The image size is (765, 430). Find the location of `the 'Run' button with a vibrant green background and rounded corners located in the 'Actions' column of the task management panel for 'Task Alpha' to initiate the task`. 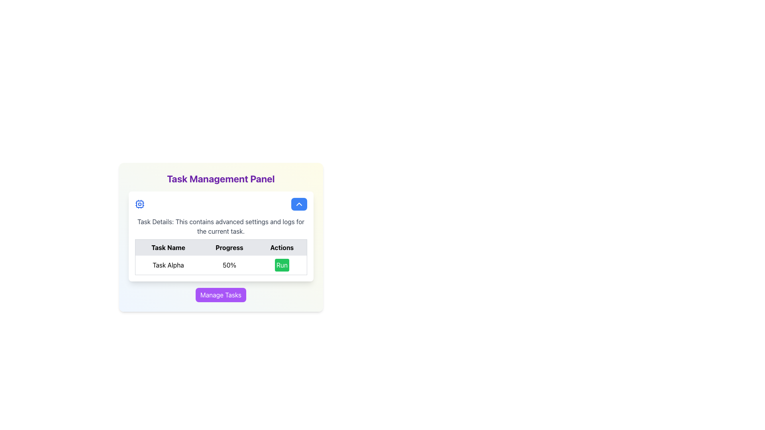

the 'Run' button with a vibrant green background and rounded corners located in the 'Actions' column of the task management panel for 'Task Alpha' to initiate the task is located at coordinates (282, 265).